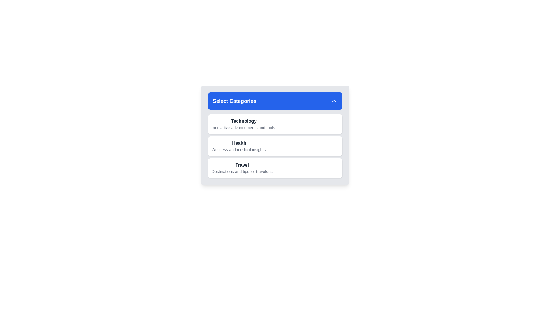  What do you see at coordinates (239, 143) in the screenshot?
I see `the 'Health' category title, which is the second item in a vertical list of categories, positioned between 'Technology' and 'Travel.'` at bounding box center [239, 143].